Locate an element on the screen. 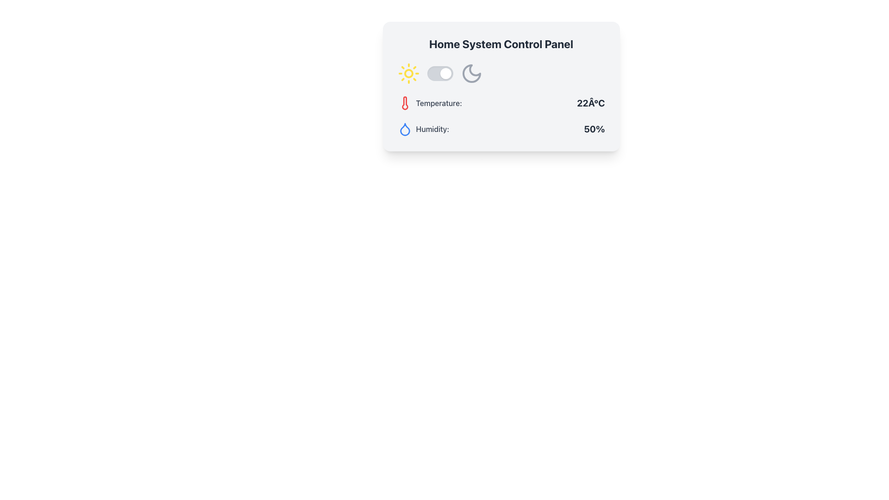  the daylight icon in the 'Home System Control Panel' header section is located at coordinates (408, 73).